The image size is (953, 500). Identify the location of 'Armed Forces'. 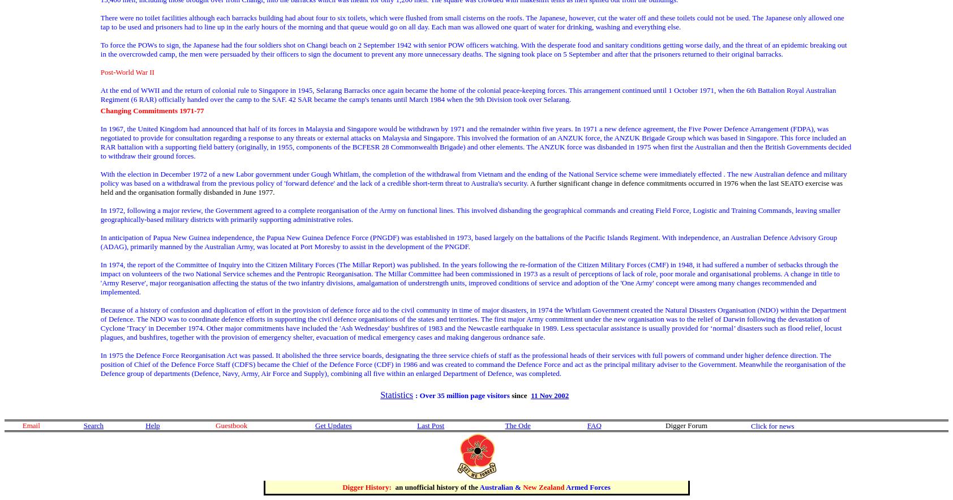
(587, 486).